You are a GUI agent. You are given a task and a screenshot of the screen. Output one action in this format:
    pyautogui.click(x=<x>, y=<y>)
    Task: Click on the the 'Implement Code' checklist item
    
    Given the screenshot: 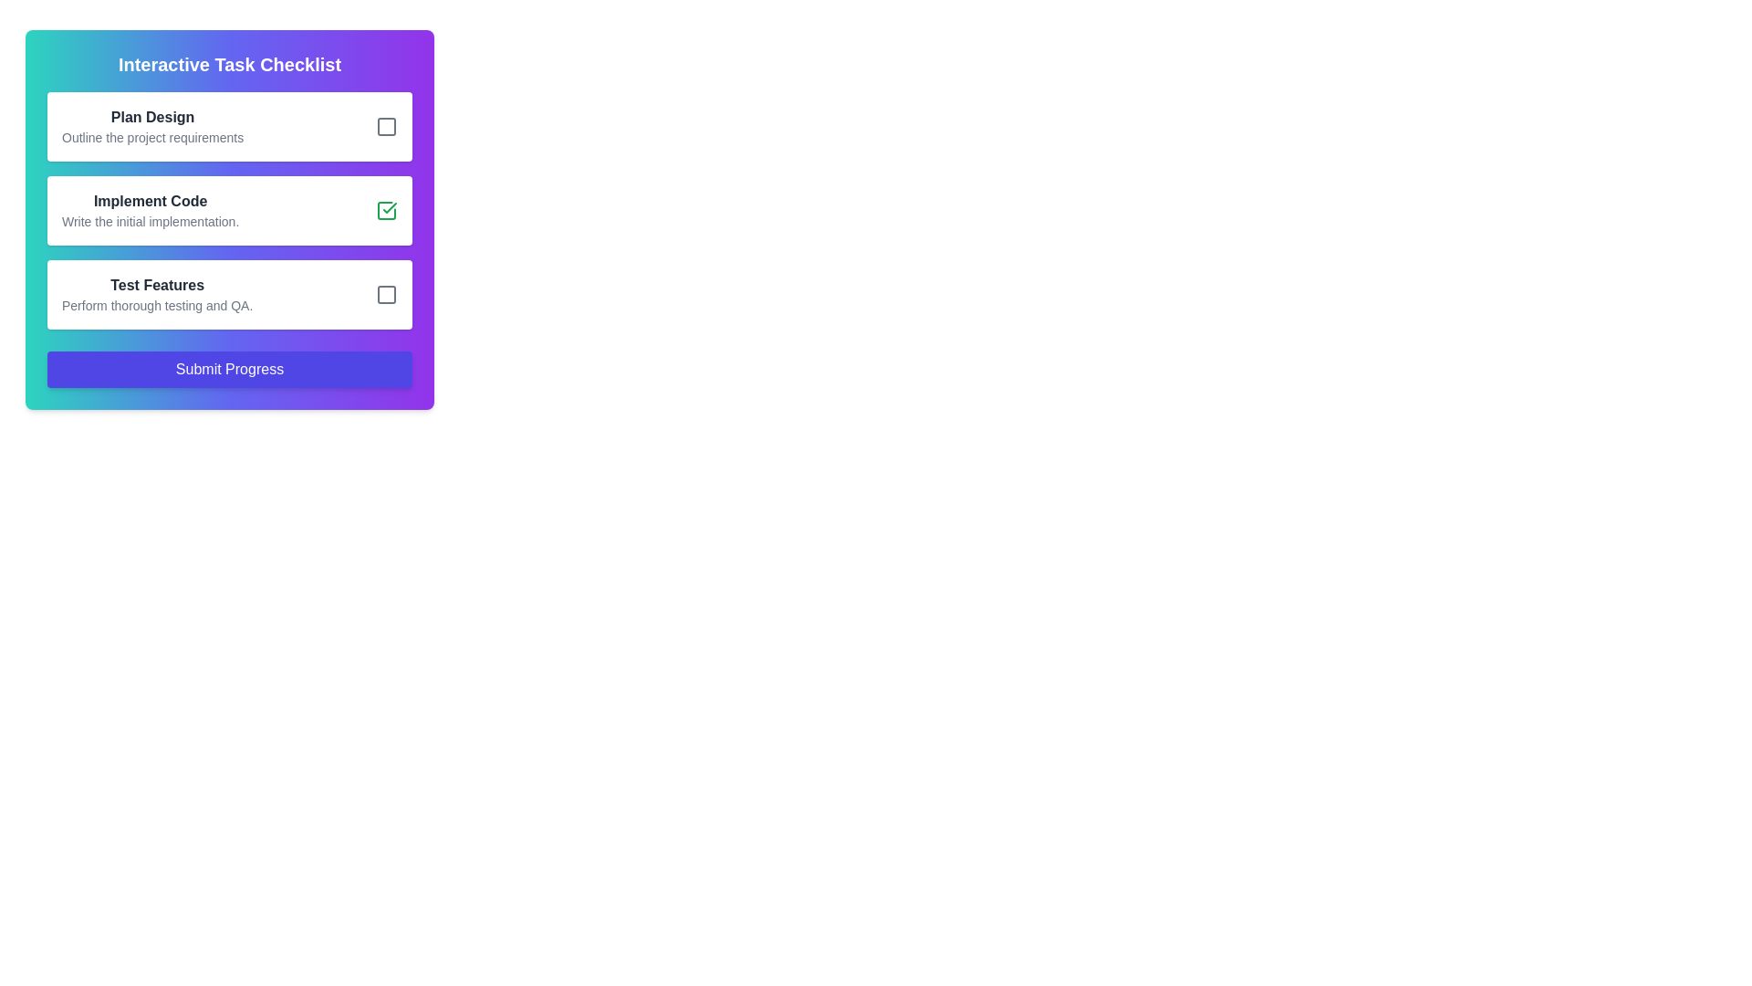 What is the action you would take?
    pyautogui.click(x=229, y=210)
    